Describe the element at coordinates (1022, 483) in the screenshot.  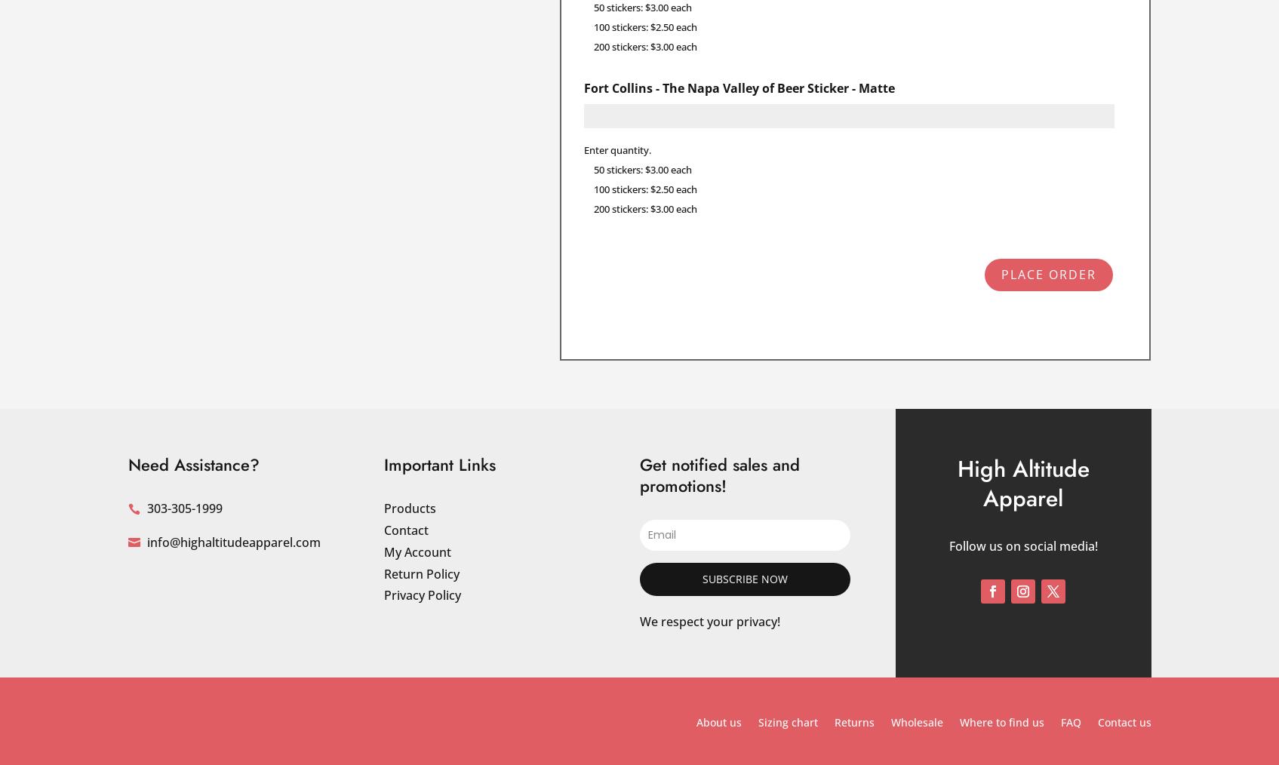
I see `'High Altitude Apparel'` at that location.